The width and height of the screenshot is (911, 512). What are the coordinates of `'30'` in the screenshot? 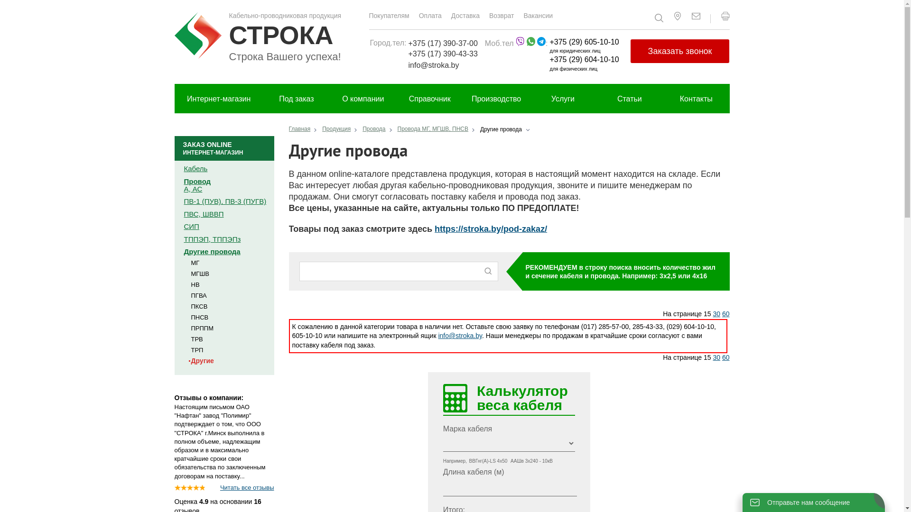 It's located at (716, 314).